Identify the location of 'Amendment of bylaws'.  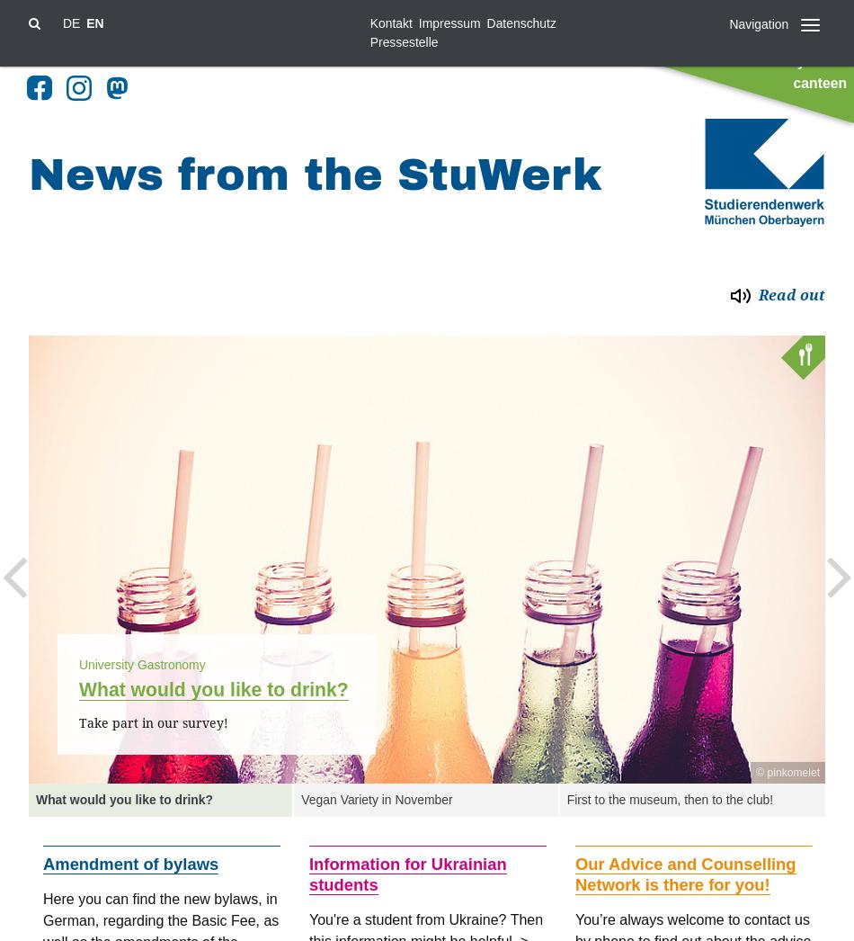
(130, 863).